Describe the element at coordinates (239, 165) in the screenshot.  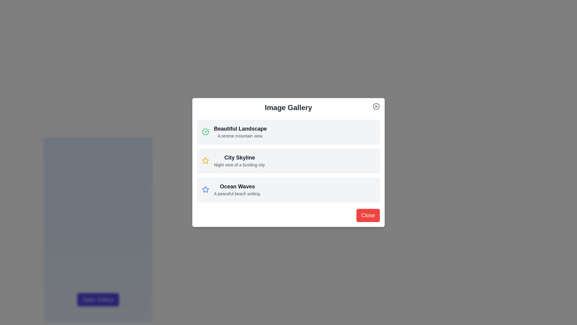
I see `the static text providing supplementary information about the title 'City Skyline', located directly below the bolded title in the second card of a vertically organized interface` at that location.